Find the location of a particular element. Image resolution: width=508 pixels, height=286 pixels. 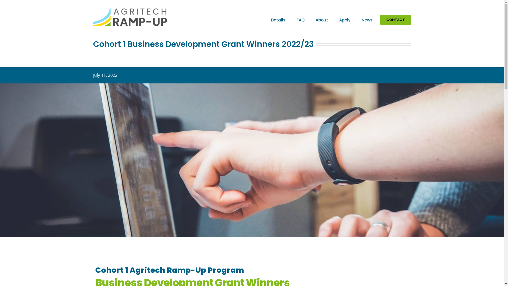

'Apply' is located at coordinates (345, 19).